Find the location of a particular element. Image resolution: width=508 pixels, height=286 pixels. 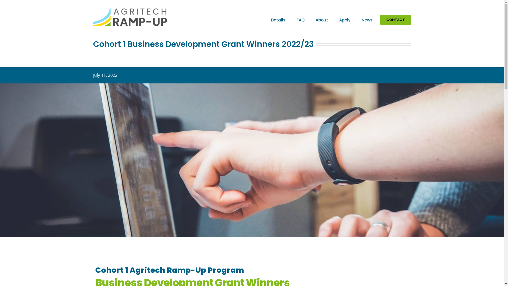

'Apply' is located at coordinates (345, 19).